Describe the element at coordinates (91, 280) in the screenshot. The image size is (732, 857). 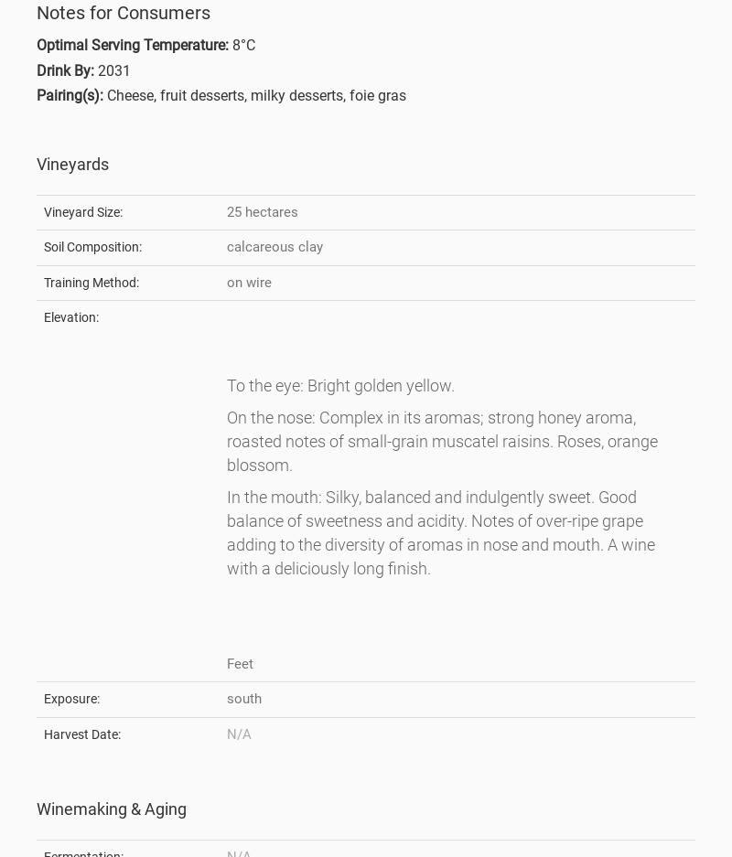
I see `'Training Method:'` at that location.